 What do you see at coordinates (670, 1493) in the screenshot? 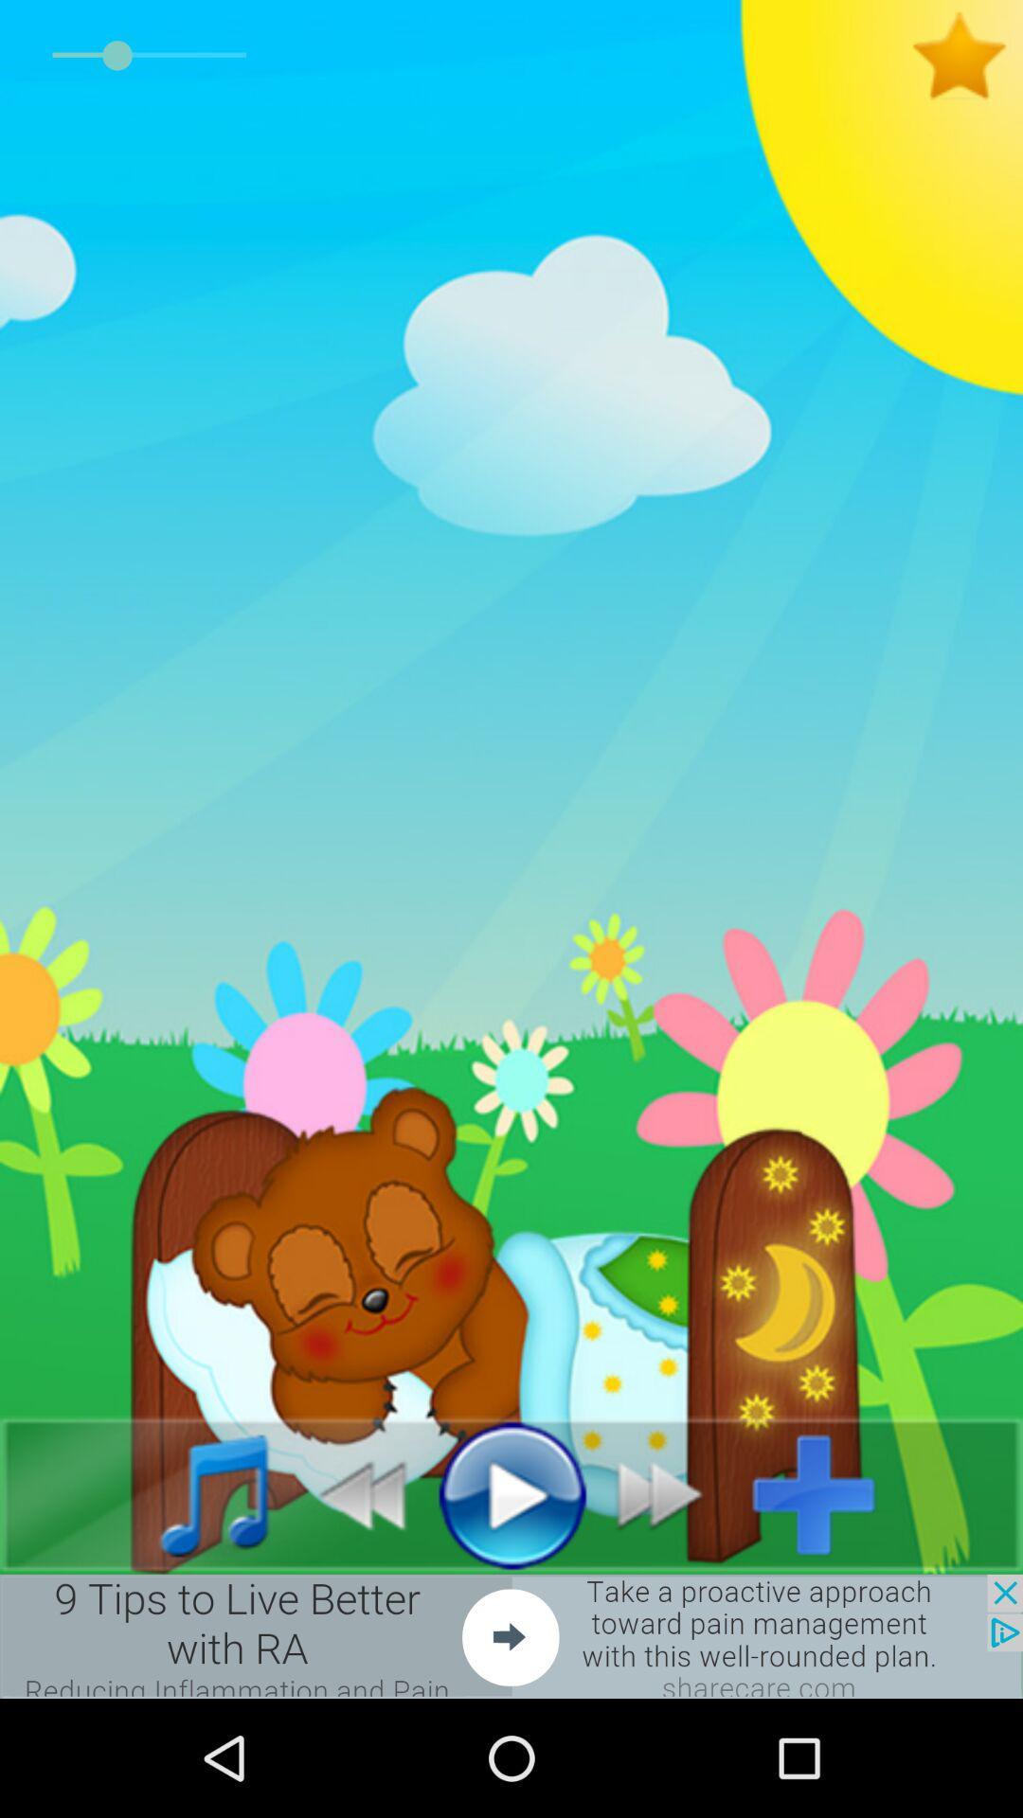
I see `next song` at bounding box center [670, 1493].